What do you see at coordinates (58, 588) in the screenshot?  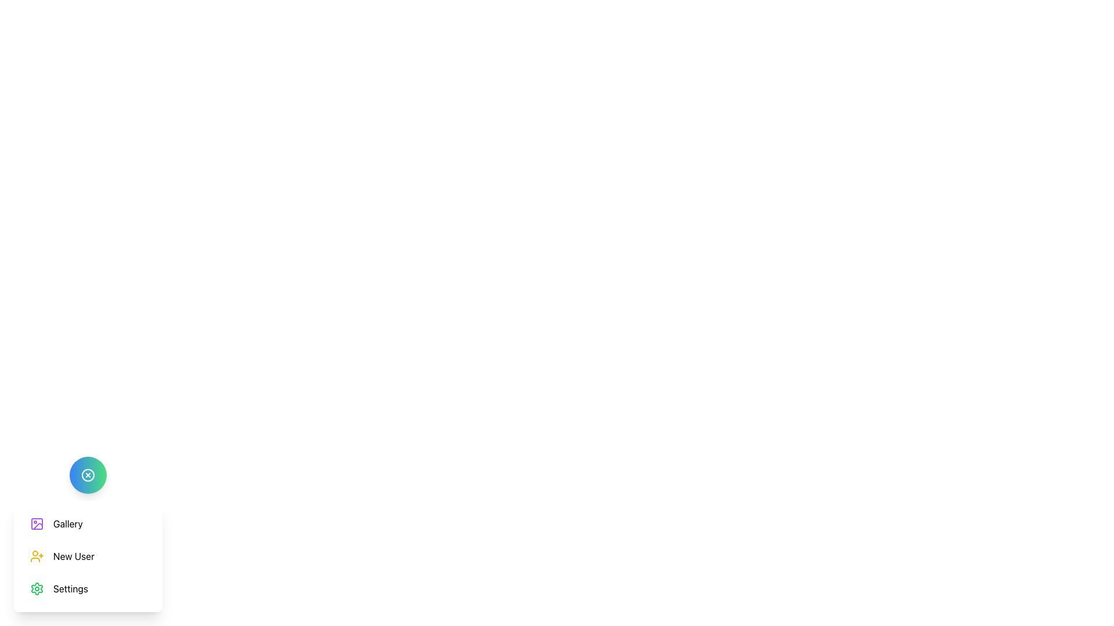 I see `the 'Settings' button, which is the third item in a vertical menu represented with a gear icon and the text 'Settings'` at bounding box center [58, 588].